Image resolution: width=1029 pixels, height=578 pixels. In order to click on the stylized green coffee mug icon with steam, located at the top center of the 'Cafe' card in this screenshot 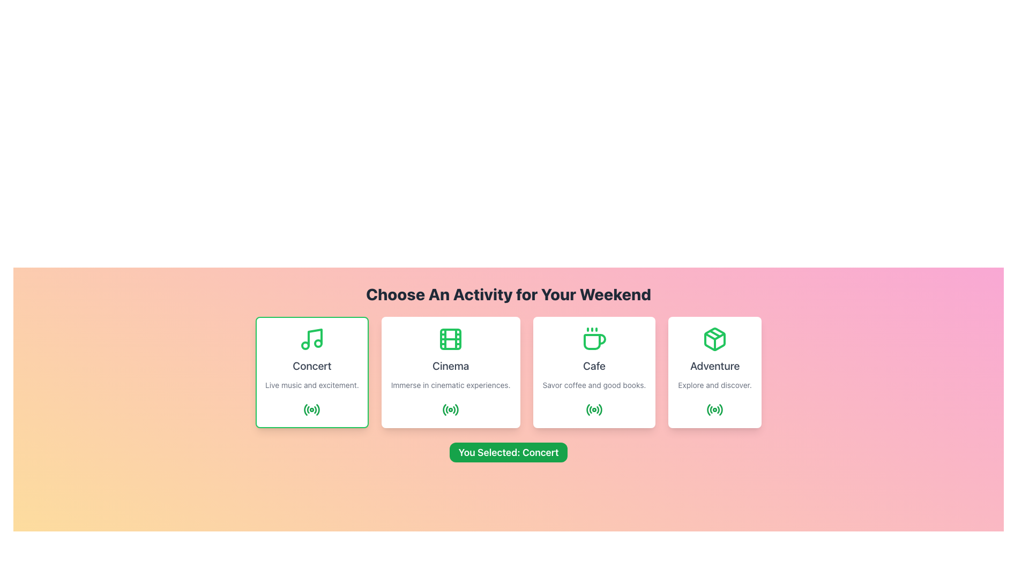, I will do `click(593, 339)`.